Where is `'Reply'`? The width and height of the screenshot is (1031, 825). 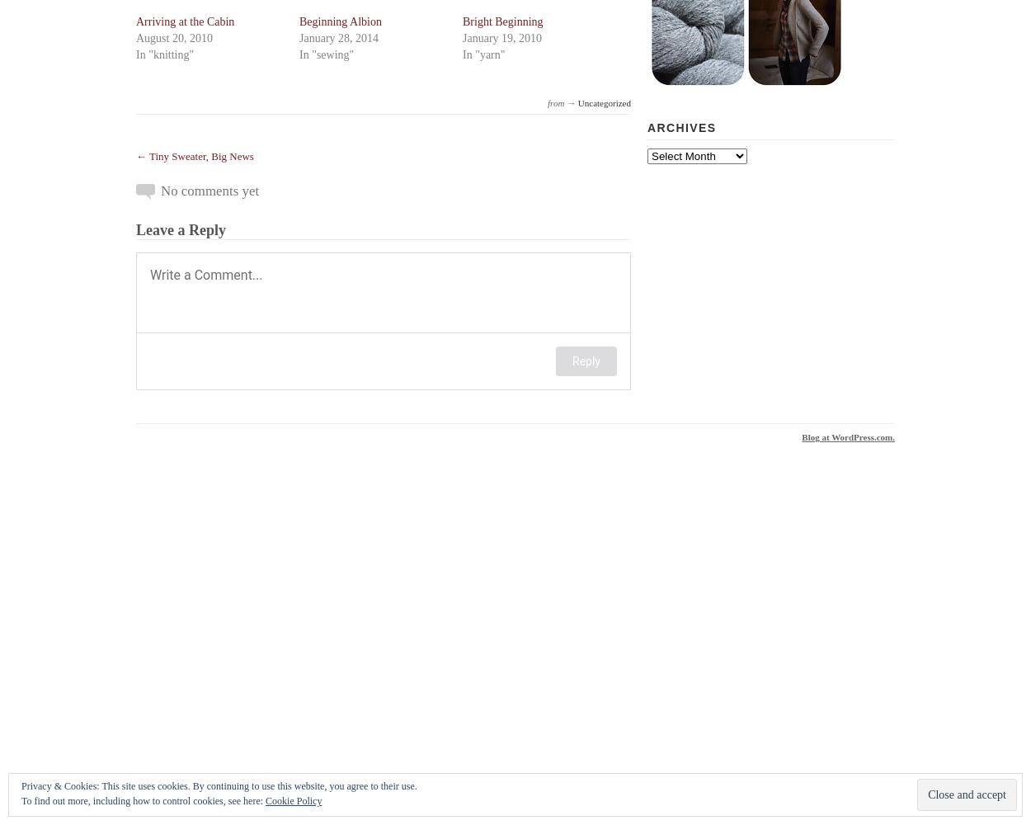
'Reply' is located at coordinates (586, 361).